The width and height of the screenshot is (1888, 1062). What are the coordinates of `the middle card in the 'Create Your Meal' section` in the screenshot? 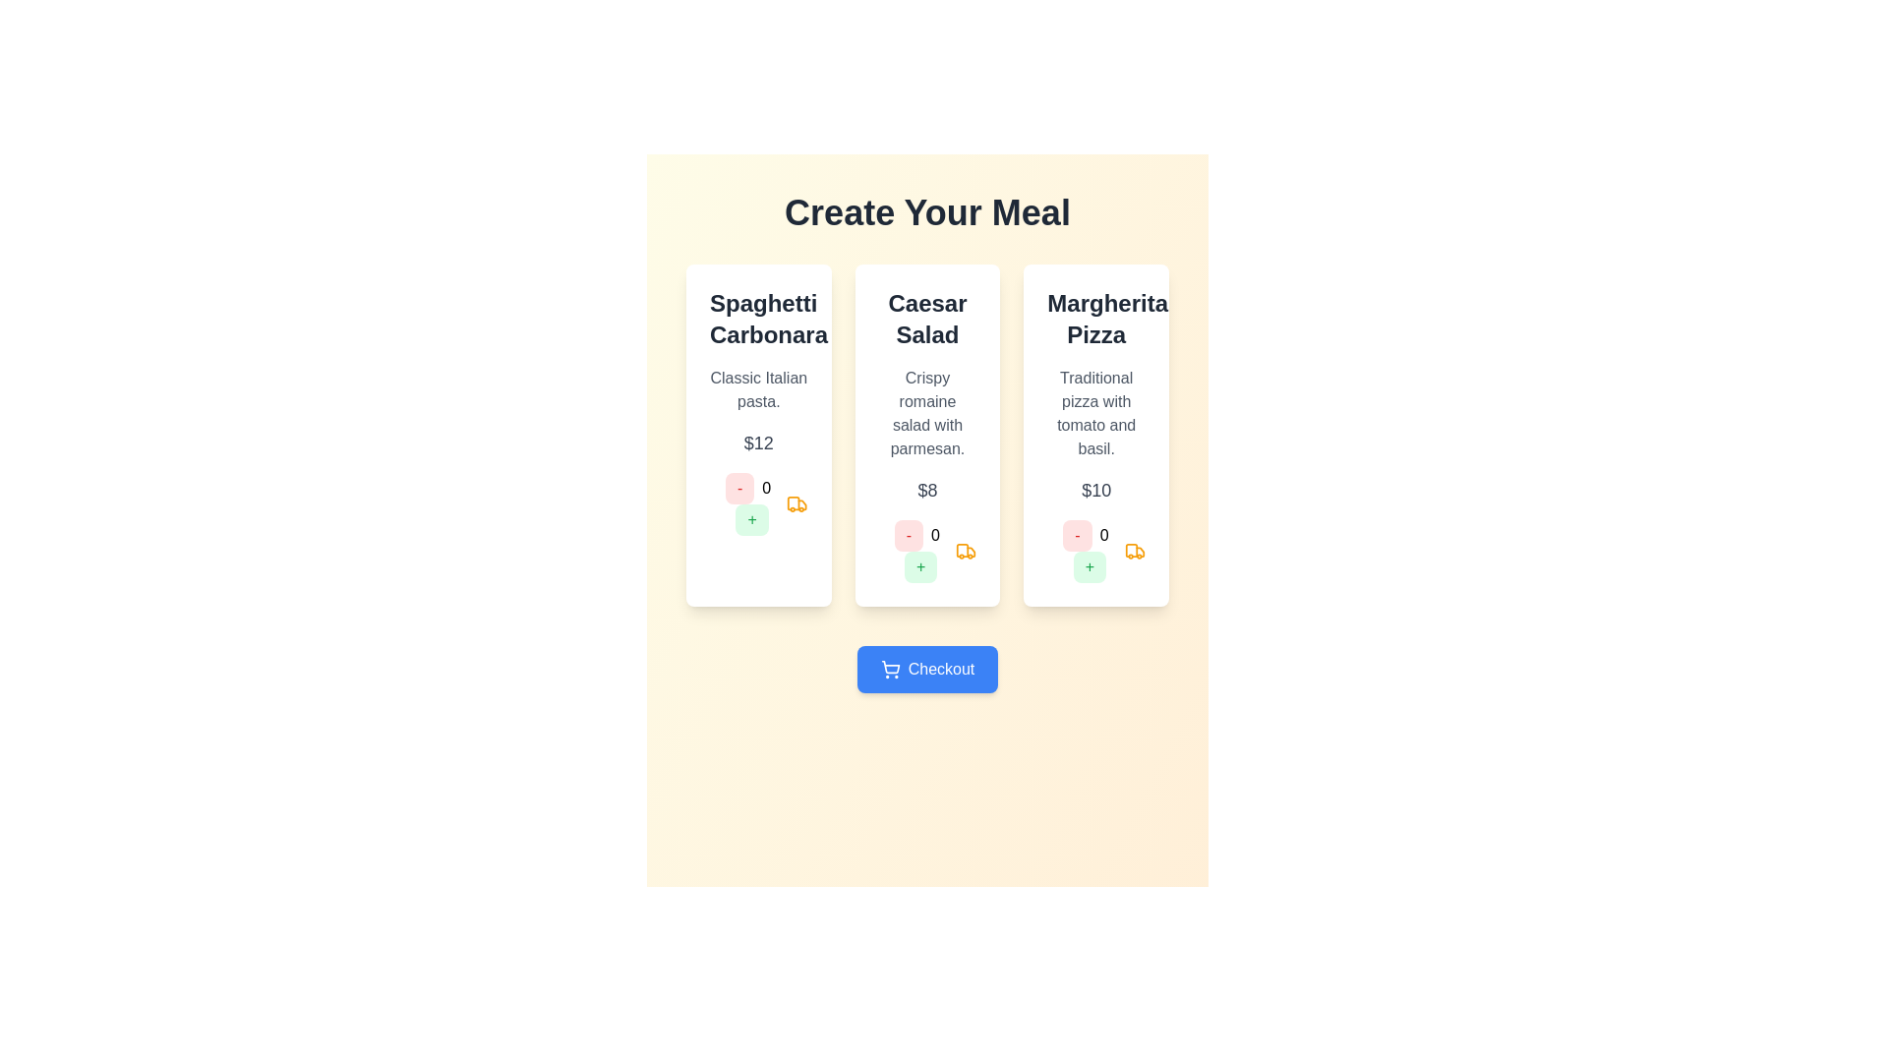 It's located at (926, 435).